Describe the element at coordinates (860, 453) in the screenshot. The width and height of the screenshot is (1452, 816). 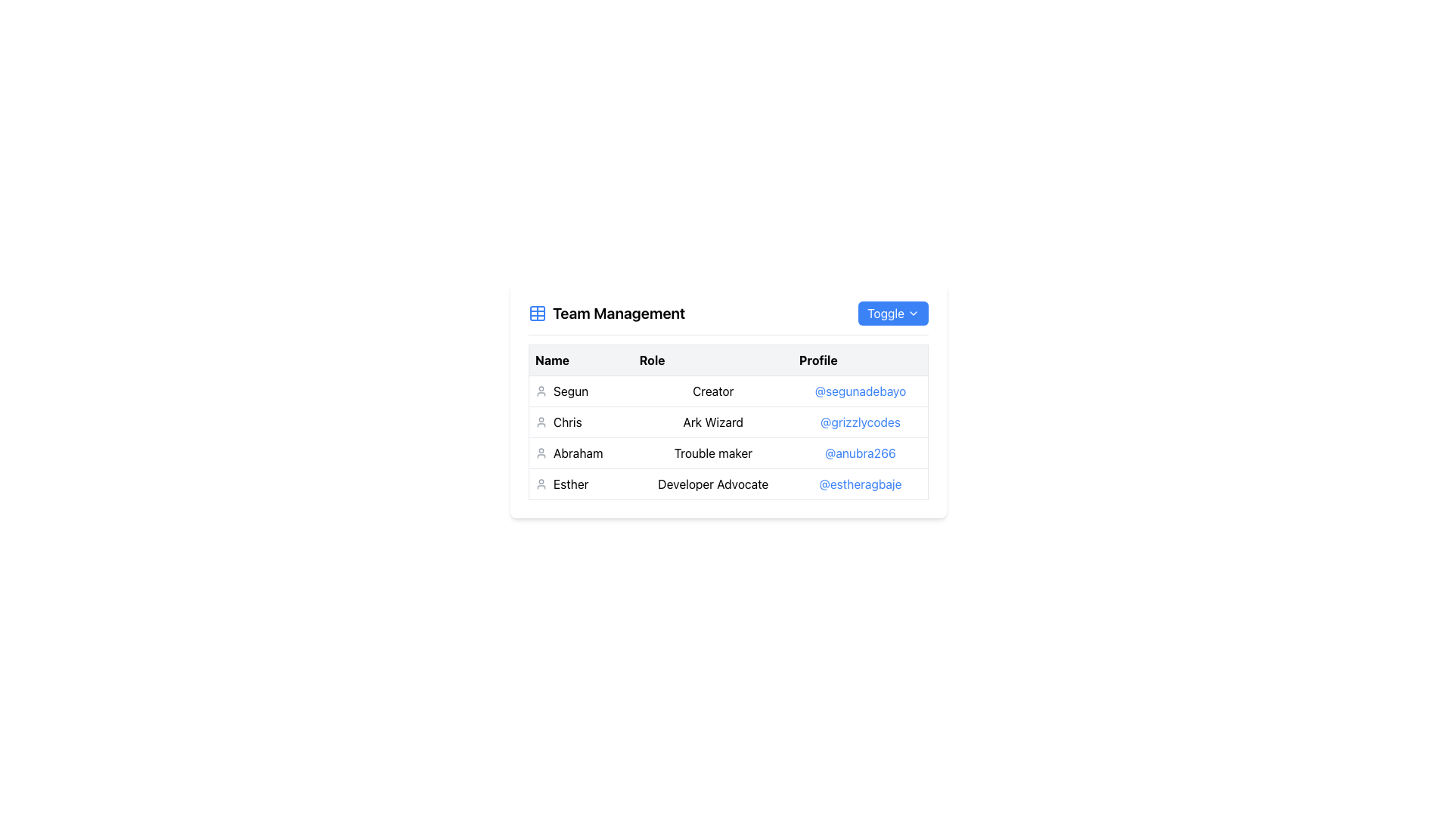
I see `the hyperlink displaying '@anubra266' in the 'Profile' column of the table row labeled 'Abraham'` at that location.